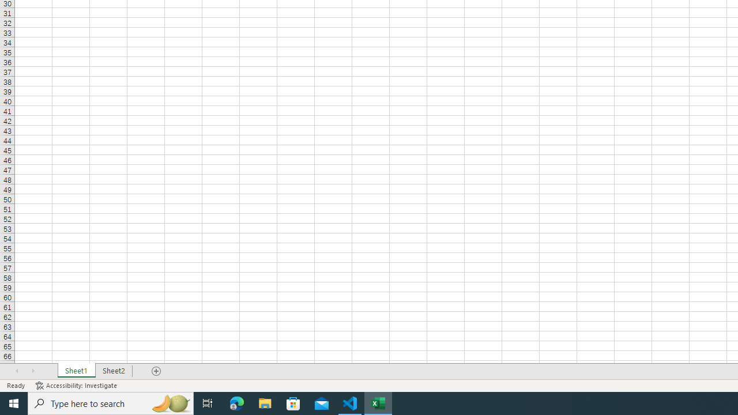  I want to click on 'Sheet2', so click(114, 371).